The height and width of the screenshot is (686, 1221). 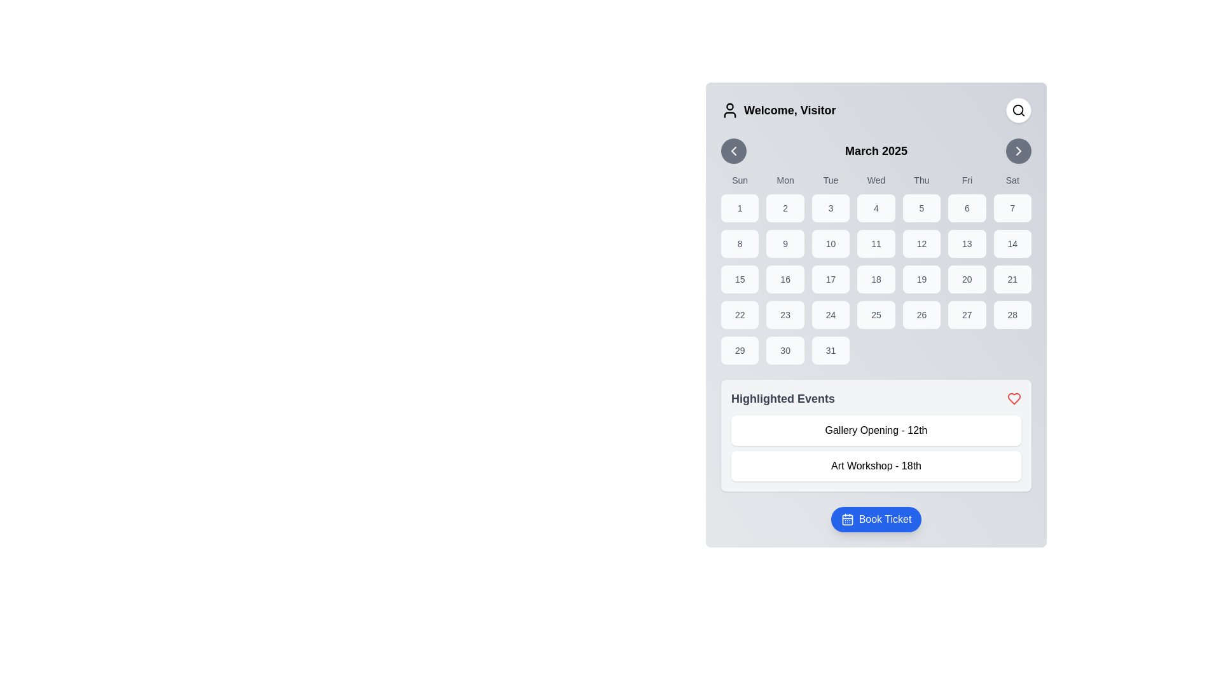 I want to click on the Date cell displaying '12' in the calendar grid for March 12, 2025, so click(x=921, y=244).